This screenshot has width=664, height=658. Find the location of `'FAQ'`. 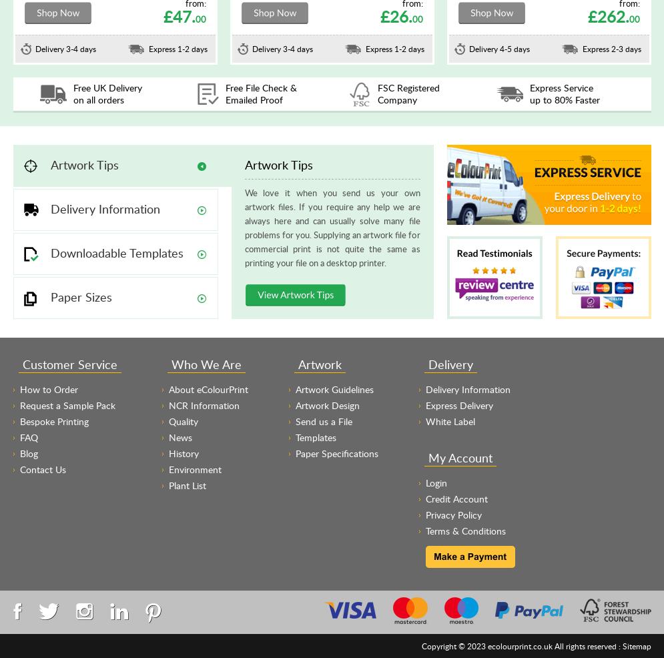

'FAQ' is located at coordinates (27, 437).